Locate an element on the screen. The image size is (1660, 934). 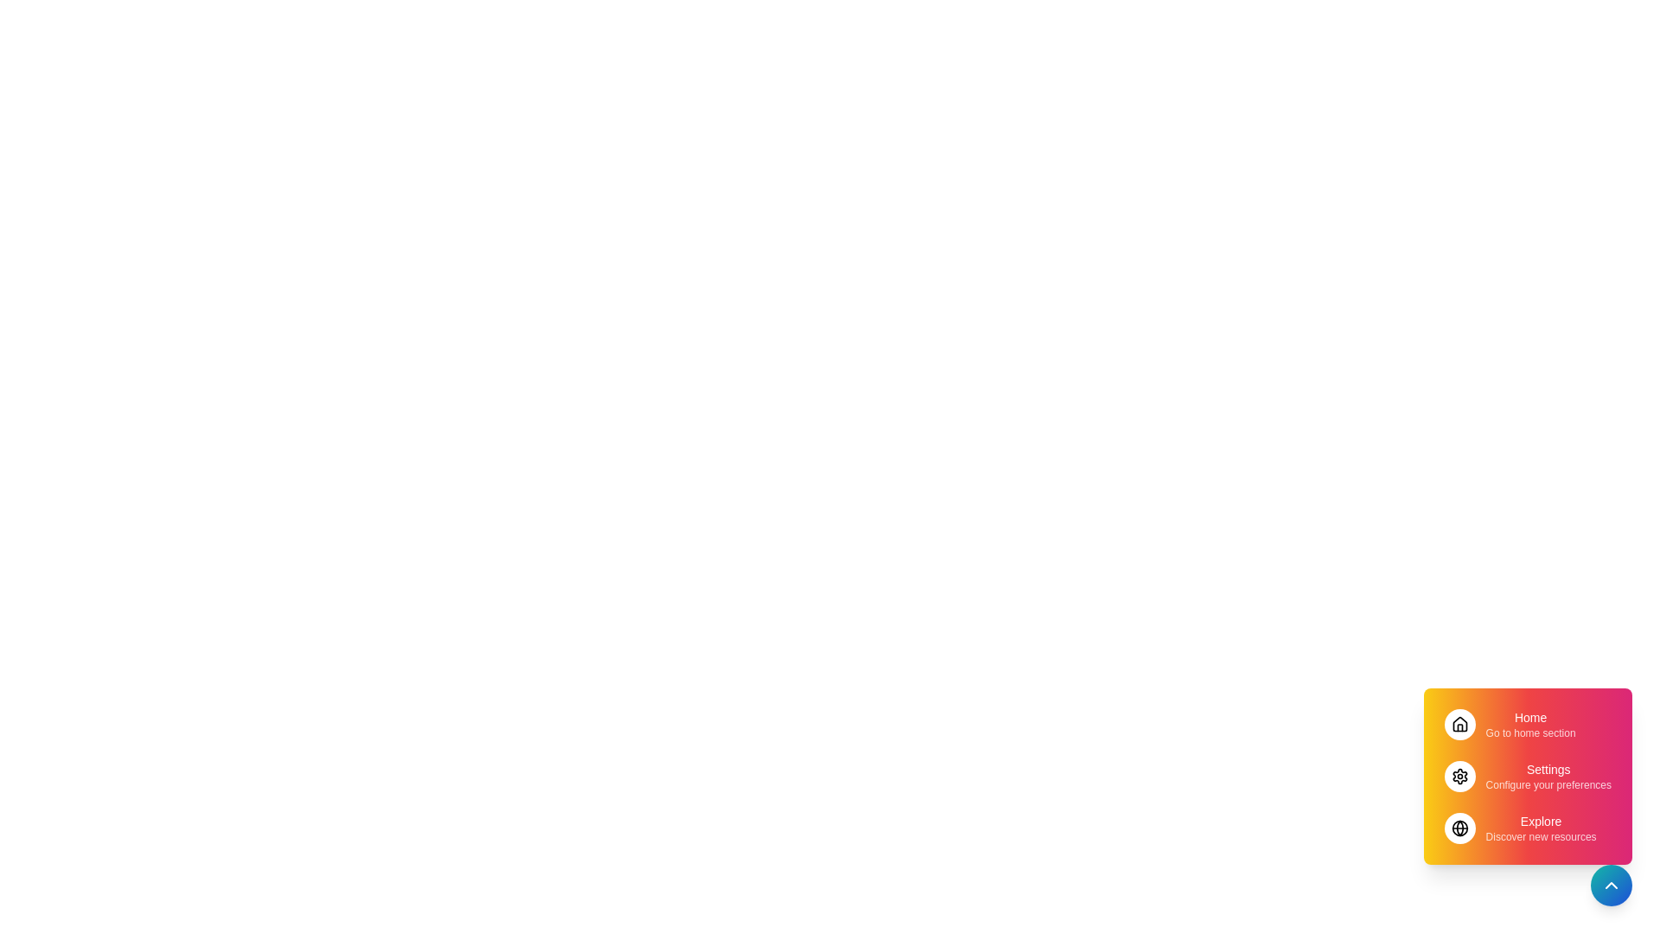
toggle button at the bottom-right corner to toggle the visibility of the menu is located at coordinates (1610, 885).